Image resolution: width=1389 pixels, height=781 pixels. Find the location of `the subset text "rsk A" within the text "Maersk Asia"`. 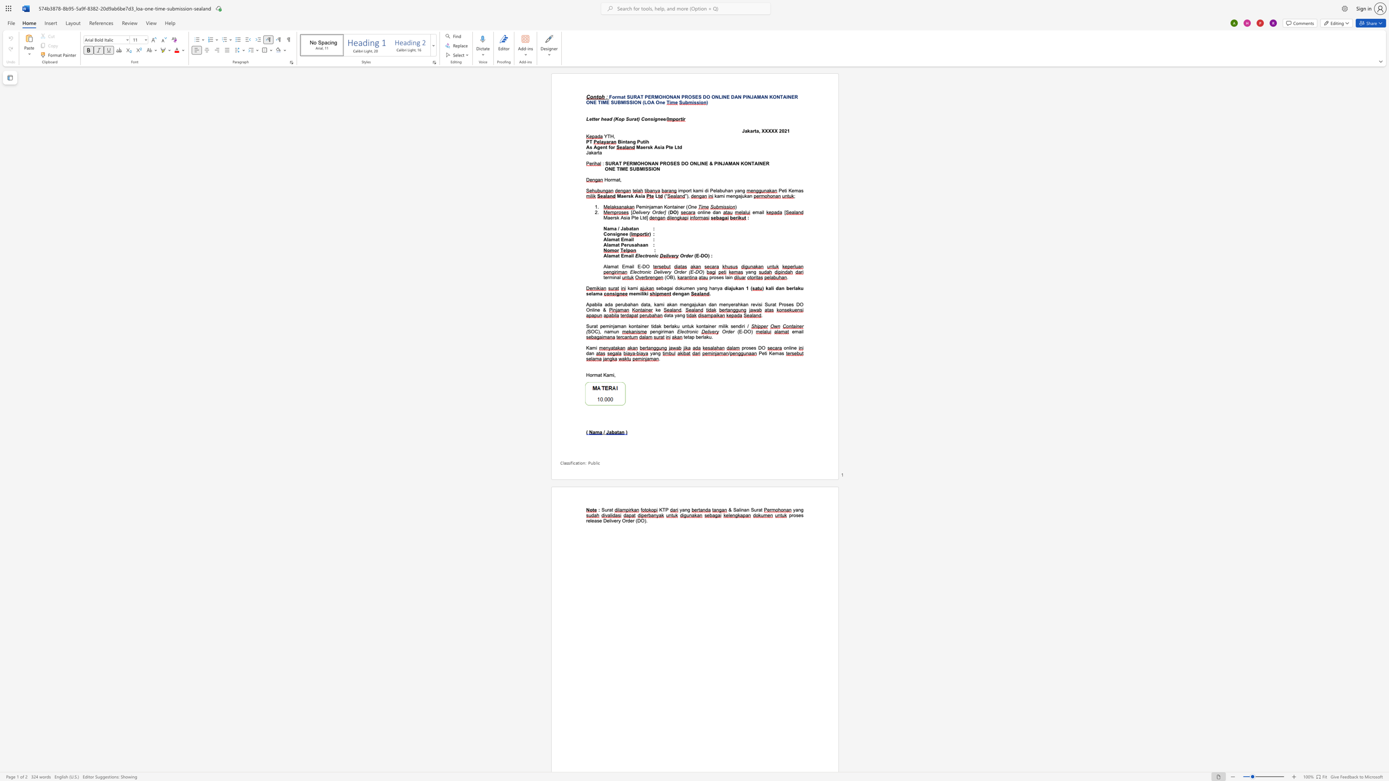

the subset text "rsk A" within the text "Maersk Asia" is located at coordinates (625, 195).